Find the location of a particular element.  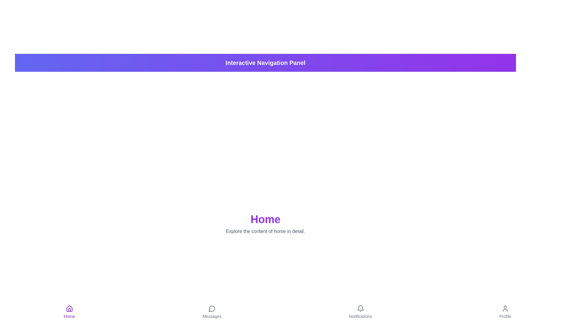

the Home navigation icon to trigger its visual feedback is located at coordinates (69, 312).